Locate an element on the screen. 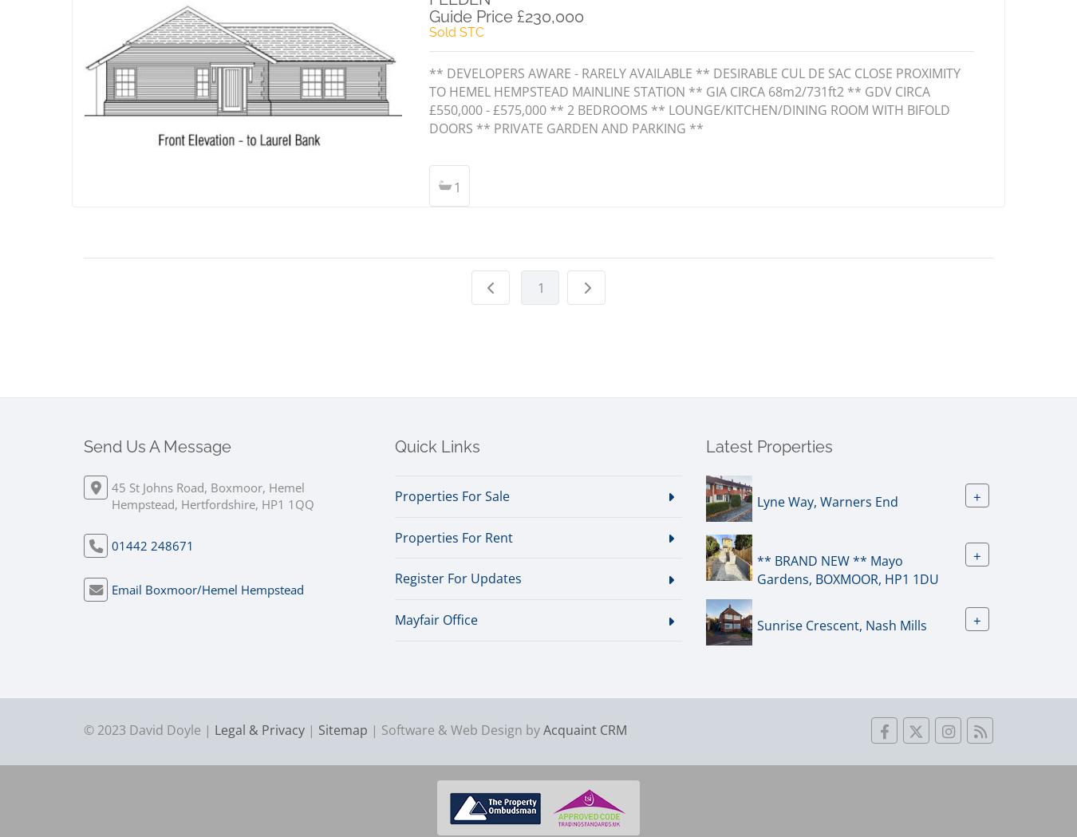 The height and width of the screenshot is (837, 1077). '**  DEVELOPERS AWARE - RARELY AVAILABLE  **  DESIRABLE CUL DE SAC CLOSE PROXIMITY TO HEMEL HEMPSTEAD MAINLINE STATION  **  GIA CIRCA 68m2/731ft2  **  GDV CIRCA £550,000 - £575,000  **  2 BEDROOMS  ** LOUNGE/KITCHEN/DINING ROOM WITH BIFOLD DOORS  **  PRIVATE GARDEN AND PARKING  **' is located at coordinates (695, 100).